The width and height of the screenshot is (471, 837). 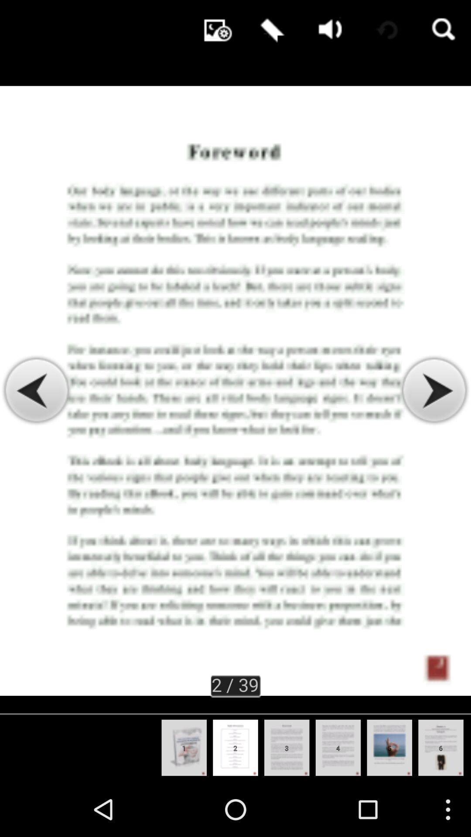 I want to click on the volume icon, so click(x=328, y=31).